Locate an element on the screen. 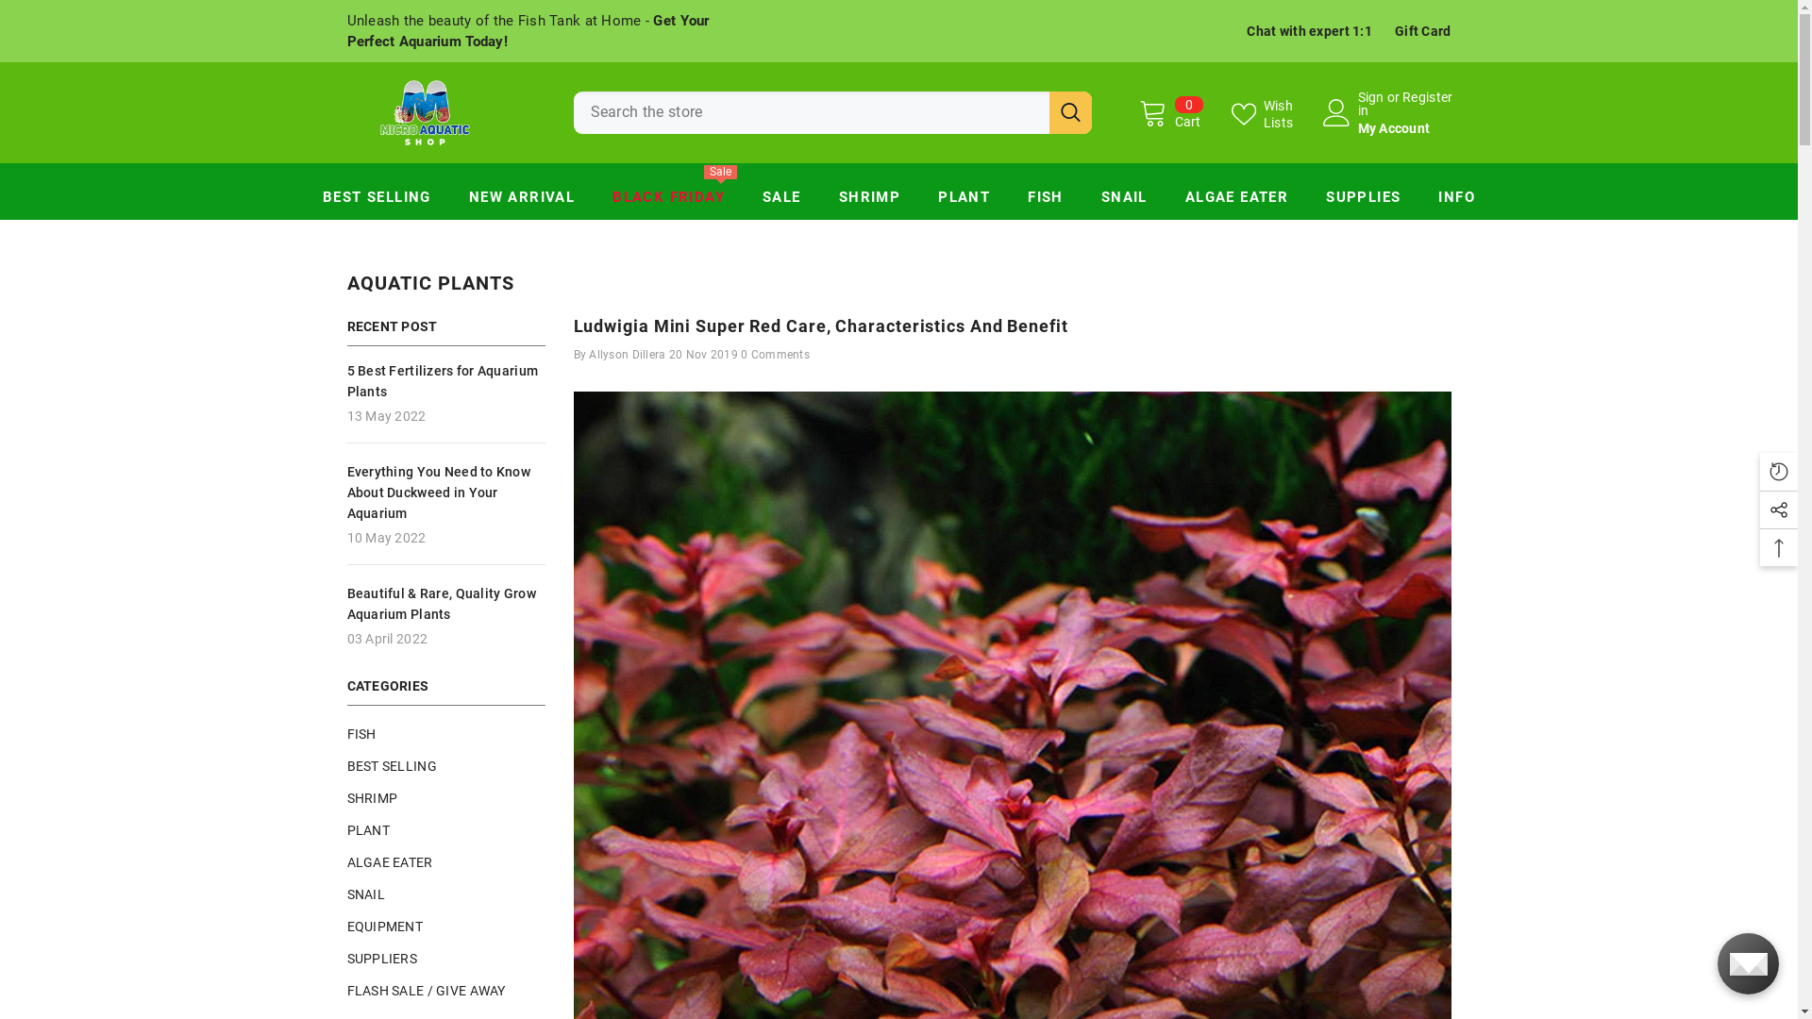 The image size is (1812, 1019). 'BLACK FRIDAY is located at coordinates (668, 201).